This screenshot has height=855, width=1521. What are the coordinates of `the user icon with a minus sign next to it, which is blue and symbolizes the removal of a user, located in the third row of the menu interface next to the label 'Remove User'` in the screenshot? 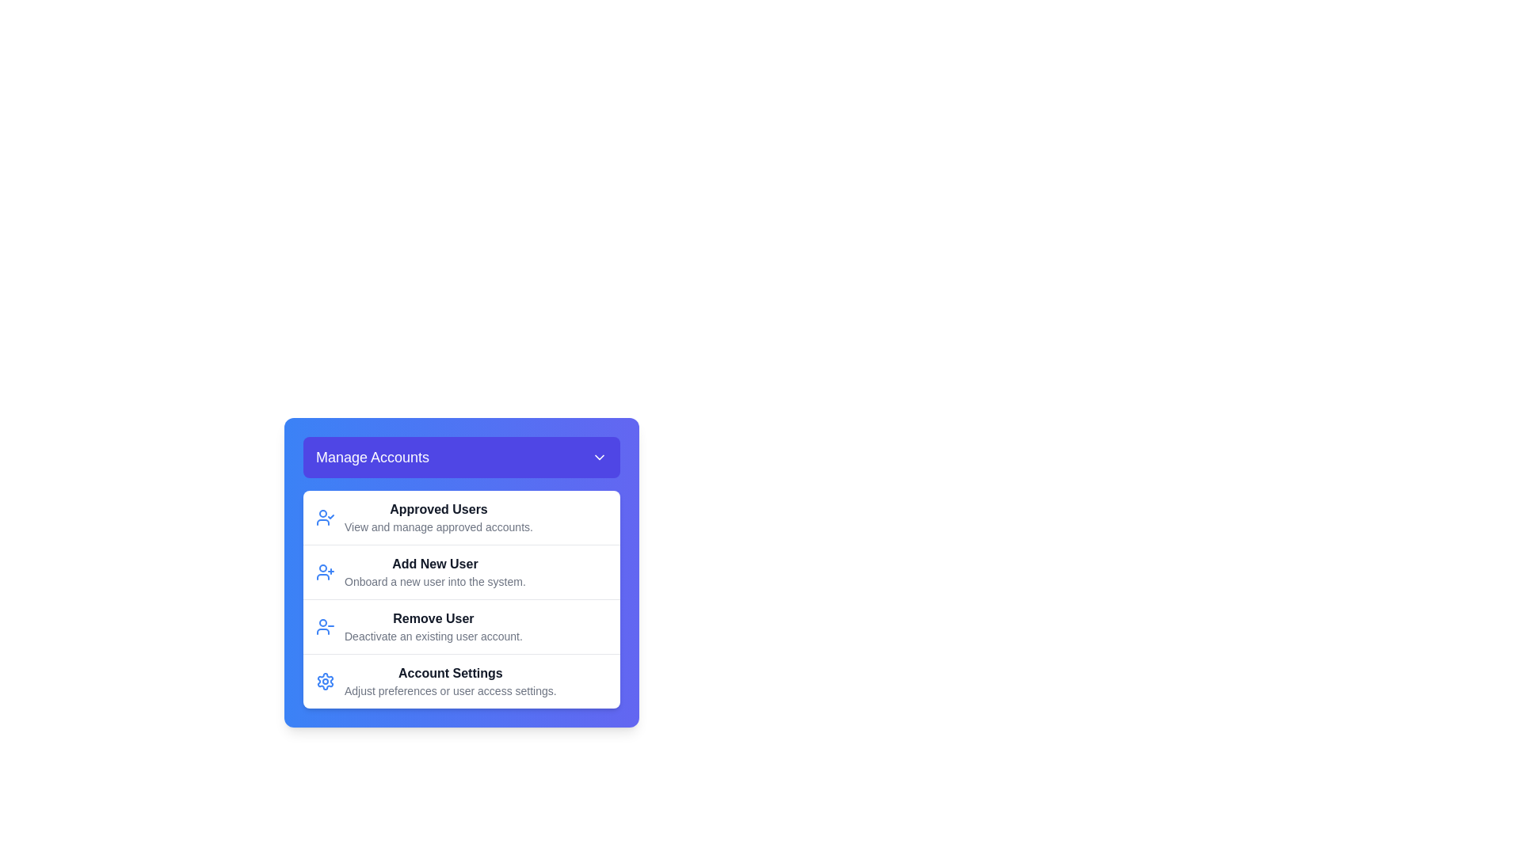 It's located at (325, 625).